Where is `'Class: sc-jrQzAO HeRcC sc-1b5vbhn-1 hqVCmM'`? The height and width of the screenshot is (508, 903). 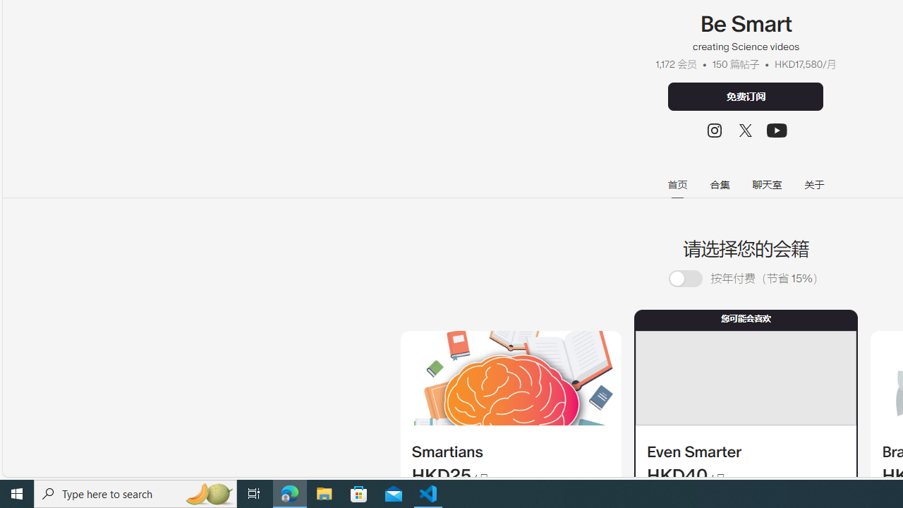
'Class: sc-jrQzAO HeRcC sc-1b5vbhn-1 hqVCmM' is located at coordinates (777, 131).